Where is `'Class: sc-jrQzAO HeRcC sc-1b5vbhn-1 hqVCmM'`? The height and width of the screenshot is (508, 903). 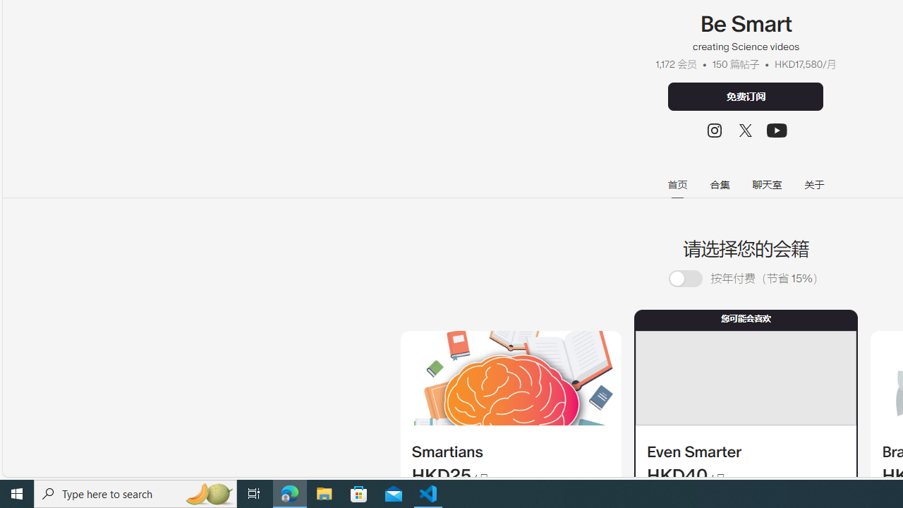
'Class: sc-jrQzAO HeRcC sc-1b5vbhn-1 hqVCmM' is located at coordinates (777, 131).